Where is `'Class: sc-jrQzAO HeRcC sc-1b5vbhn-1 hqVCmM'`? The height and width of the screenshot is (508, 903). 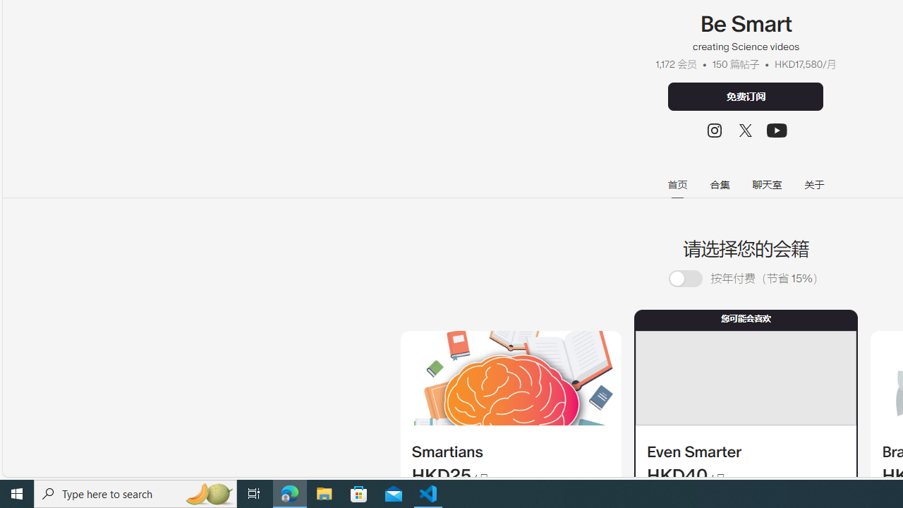
'Class: sc-jrQzAO HeRcC sc-1b5vbhn-1 hqVCmM' is located at coordinates (777, 131).